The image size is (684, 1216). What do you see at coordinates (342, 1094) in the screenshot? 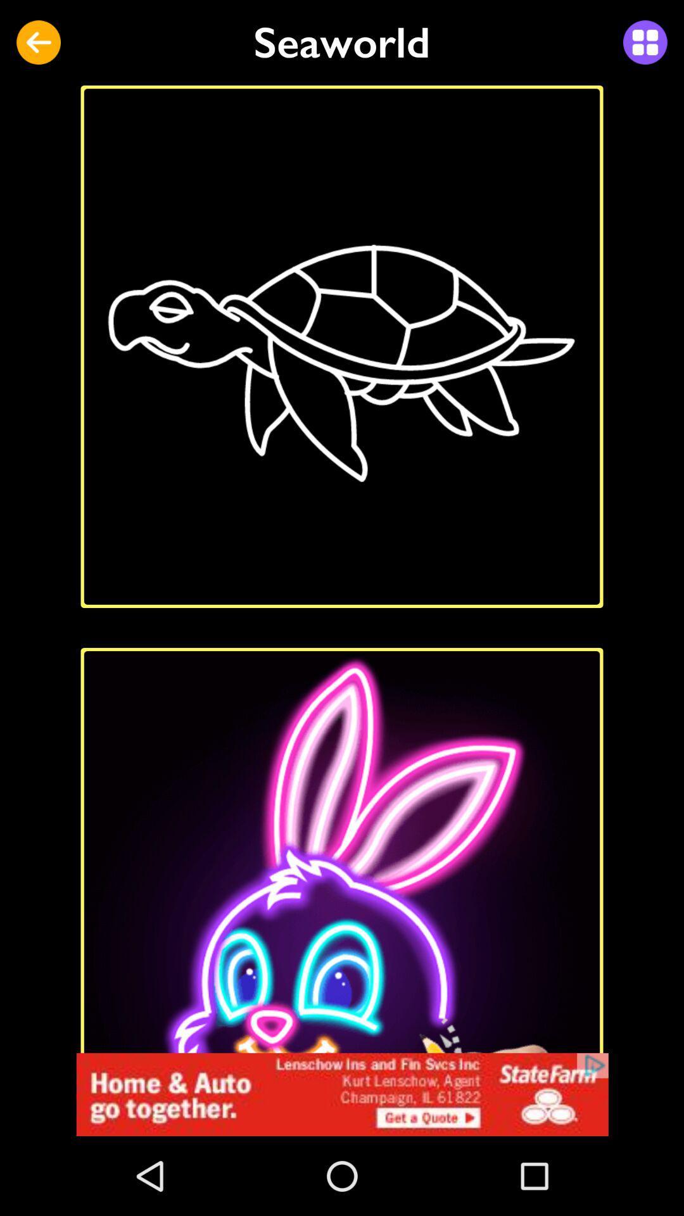
I see `advertisement bar` at bounding box center [342, 1094].